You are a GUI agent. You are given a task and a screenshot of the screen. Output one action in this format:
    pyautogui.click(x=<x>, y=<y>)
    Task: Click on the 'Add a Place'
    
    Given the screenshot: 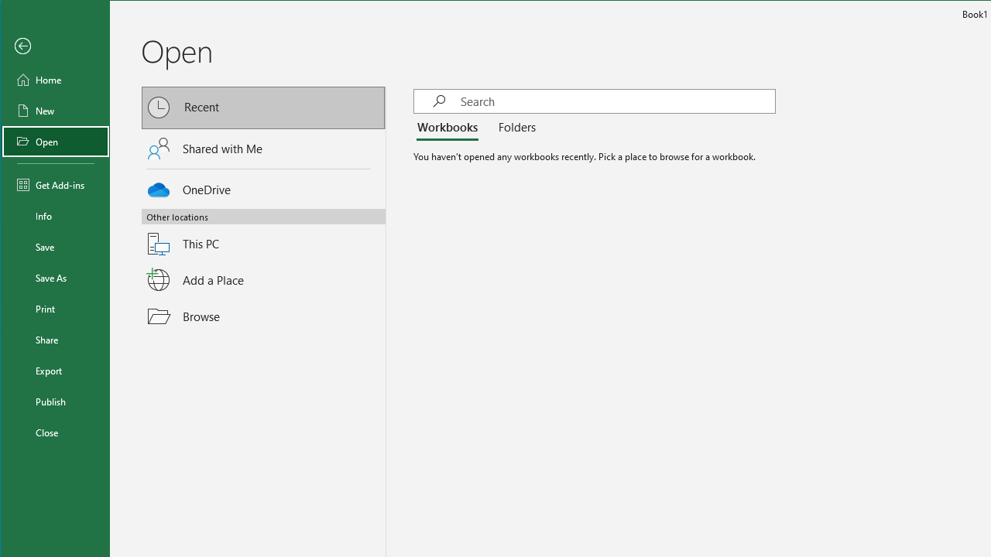 What is the action you would take?
    pyautogui.click(x=264, y=279)
    